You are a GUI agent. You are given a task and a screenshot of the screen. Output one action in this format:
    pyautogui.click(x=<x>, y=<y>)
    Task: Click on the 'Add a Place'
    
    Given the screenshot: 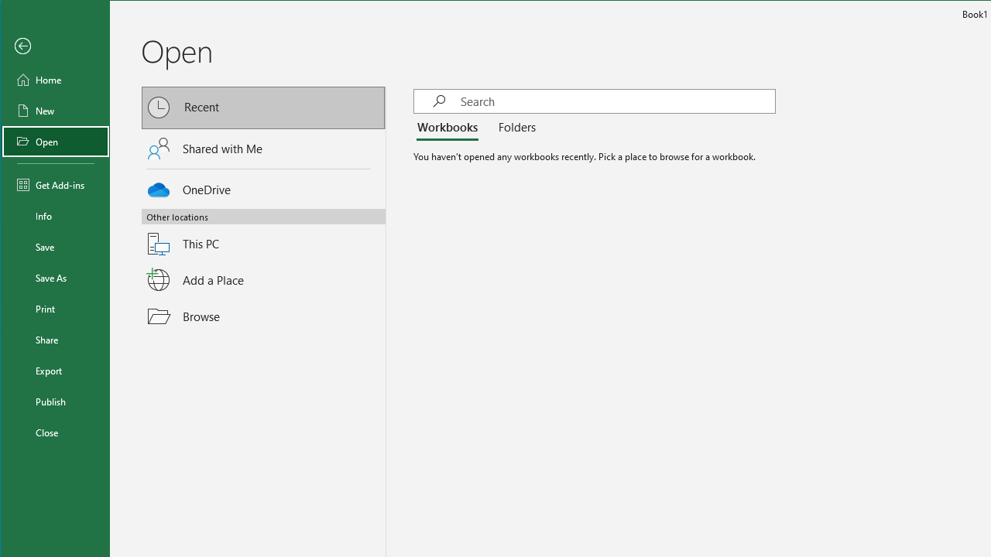 What is the action you would take?
    pyautogui.click(x=264, y=279)
    